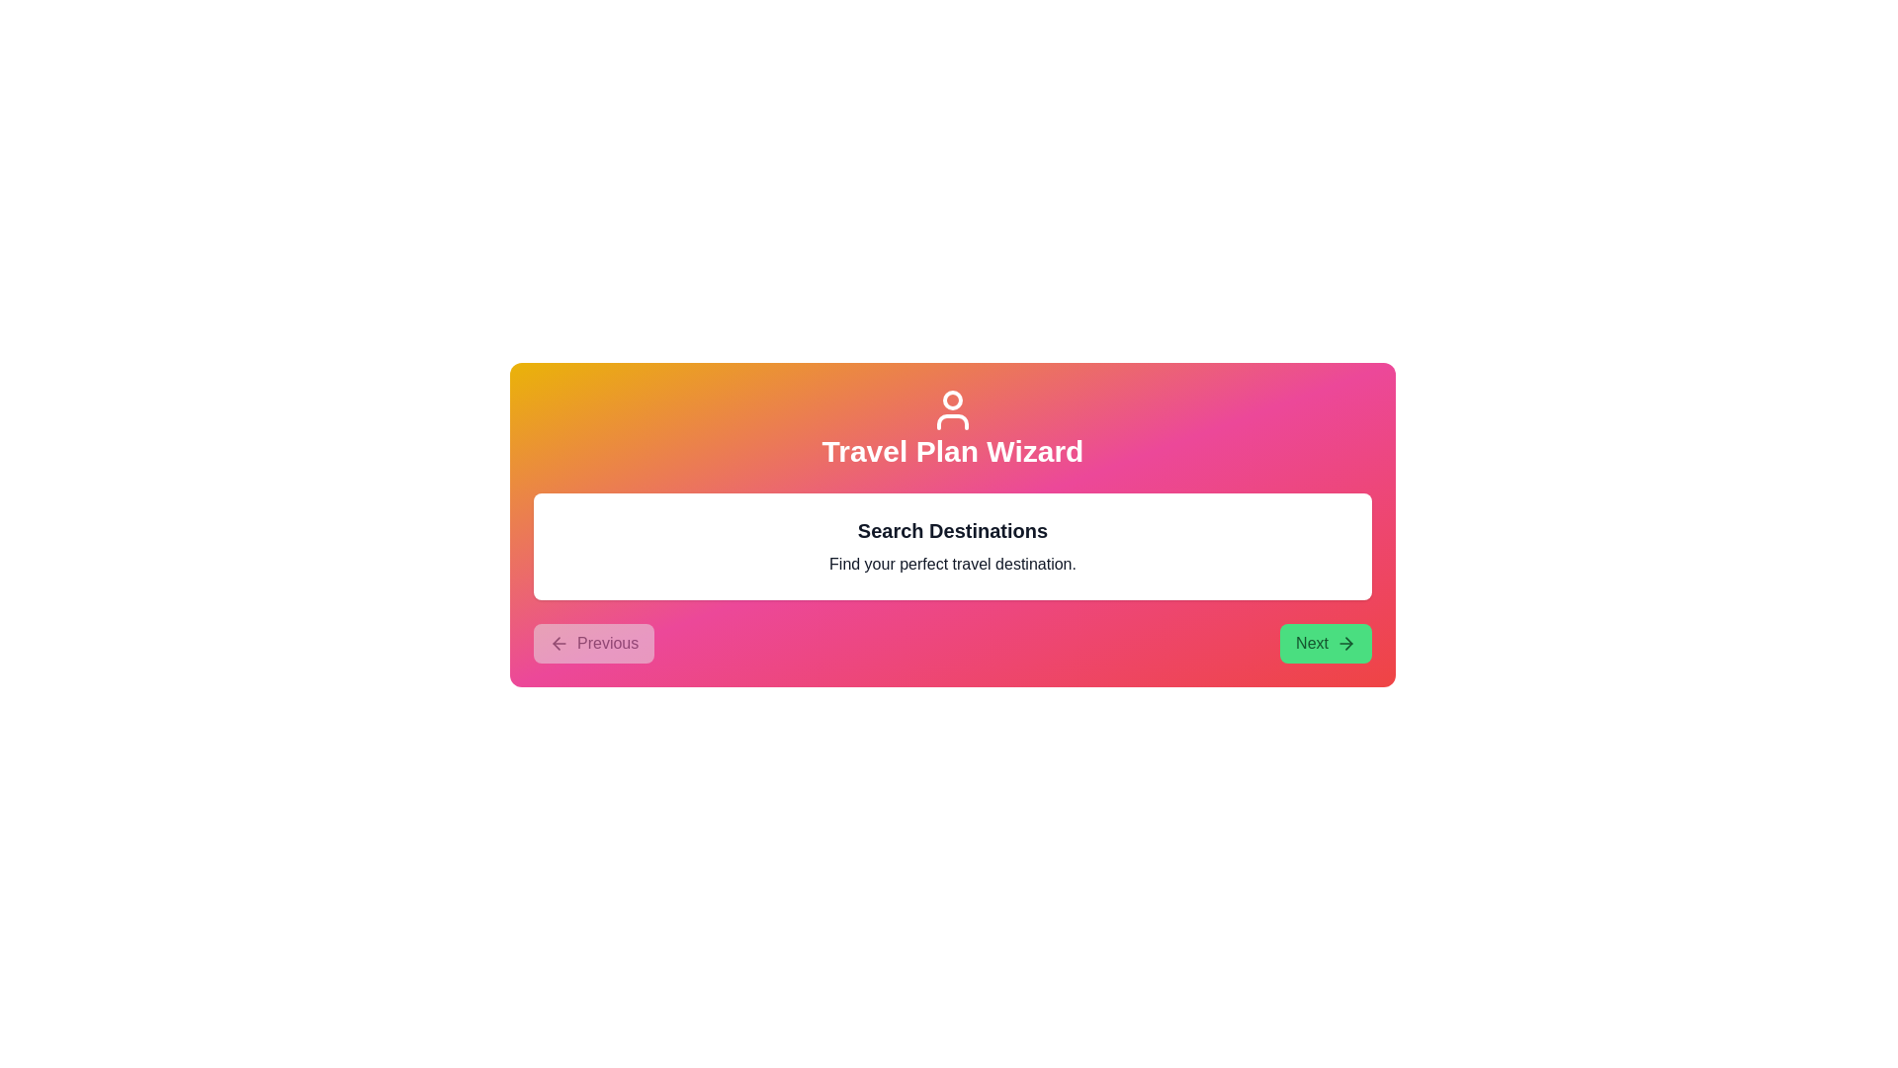  Describe the element at coordinates (953, 451) in the screenshot. I see `the header text 'Travel Plan Wizard' which is styled in bold, large font and centered below a user icon on a vibrant gradient background` at that location.